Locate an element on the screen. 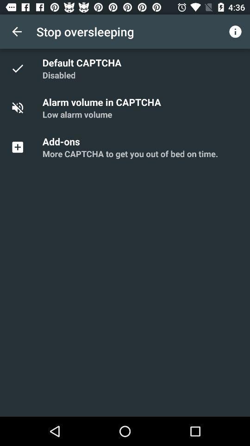  icon above the disabled is located at coordinates (83, 62).